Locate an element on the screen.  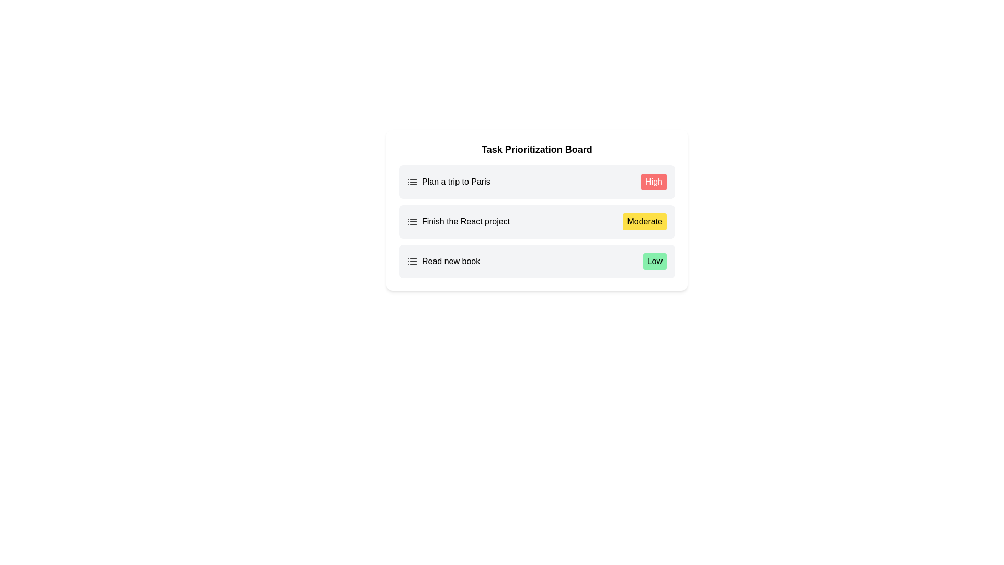
the first entry in the task list within the Task Prioritization Board, which describes a specific task or item is located at coordinates (456, 181).